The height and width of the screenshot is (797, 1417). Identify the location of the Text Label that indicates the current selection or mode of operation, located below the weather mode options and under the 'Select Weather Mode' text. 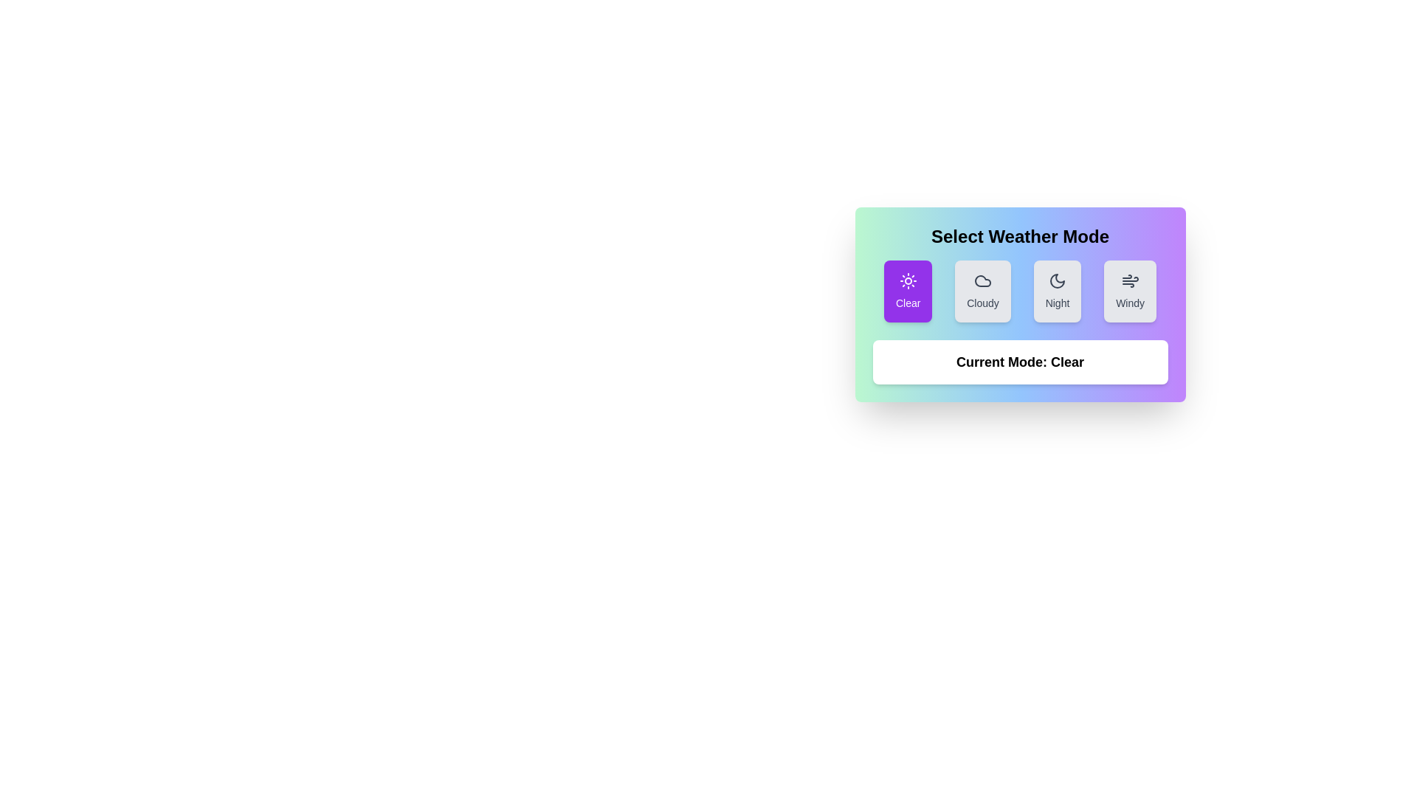
(1019, 362).